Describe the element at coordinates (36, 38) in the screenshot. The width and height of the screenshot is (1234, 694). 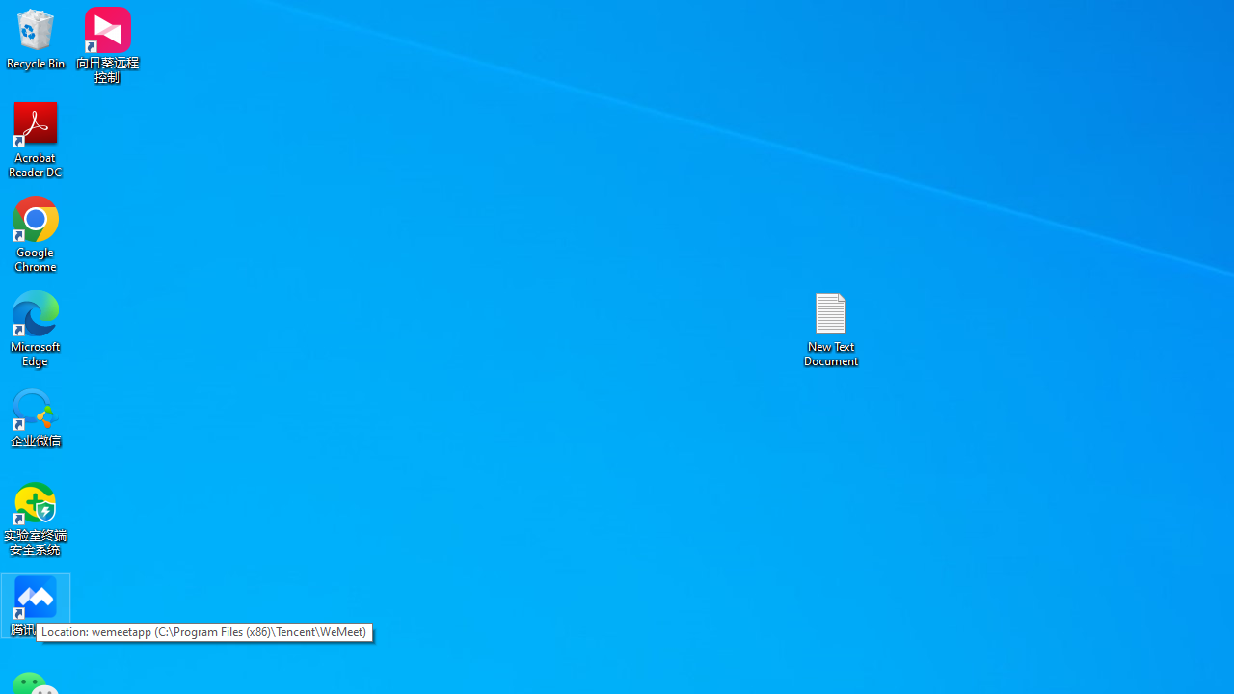
I see `'Recycle Bin'` at that location.